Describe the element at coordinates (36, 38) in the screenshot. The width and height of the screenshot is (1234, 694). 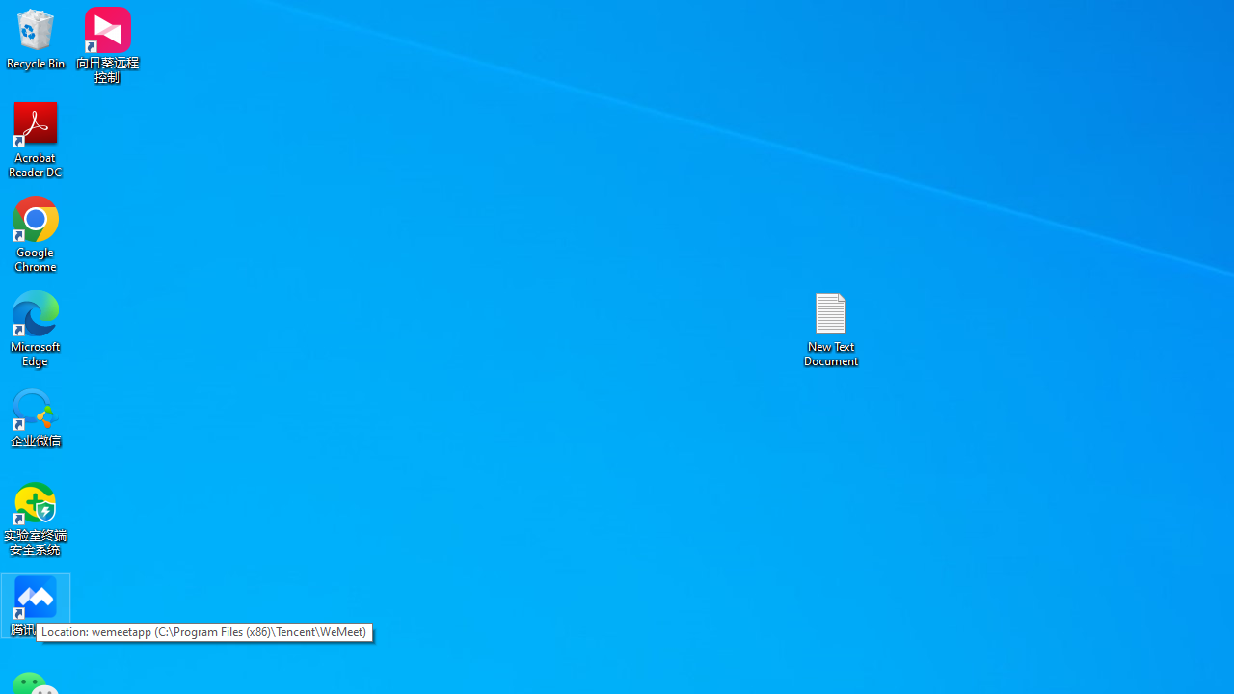
I see `'Recycle Bin'` at that location.